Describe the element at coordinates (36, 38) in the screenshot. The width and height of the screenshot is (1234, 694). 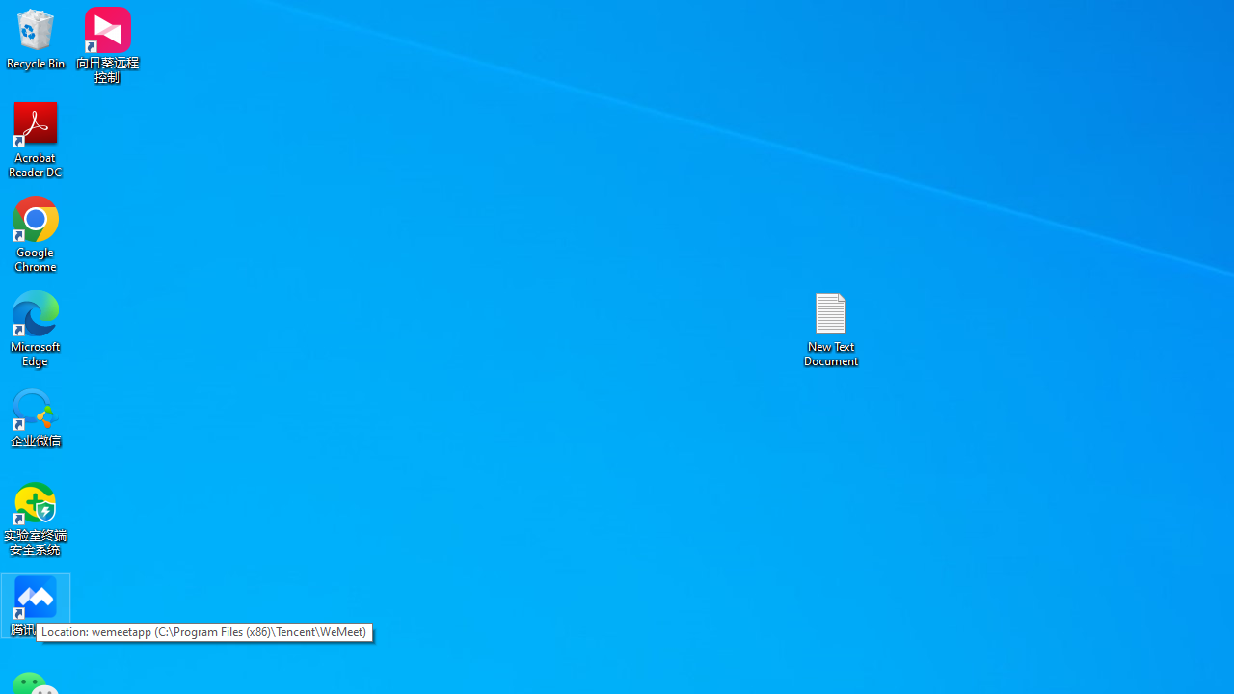
I see `'Recycle Bin'` at that location.